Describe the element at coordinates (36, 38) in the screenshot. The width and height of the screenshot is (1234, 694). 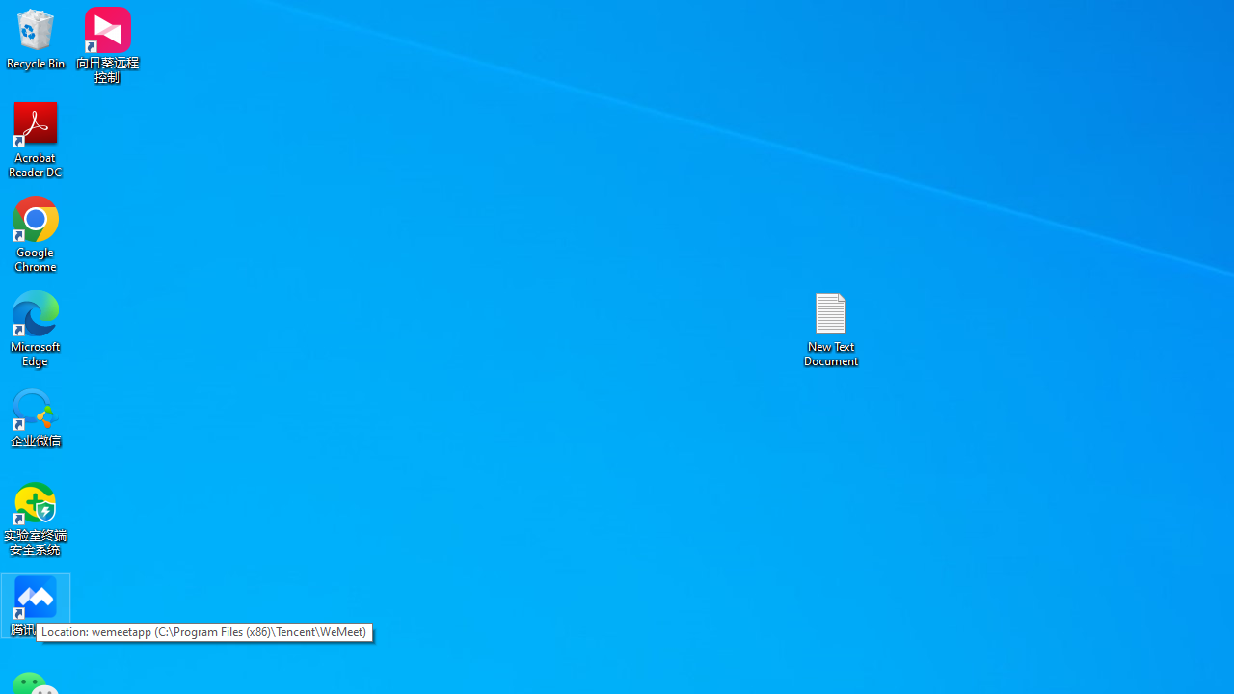
I see `'Recycle Bin'` at that location.